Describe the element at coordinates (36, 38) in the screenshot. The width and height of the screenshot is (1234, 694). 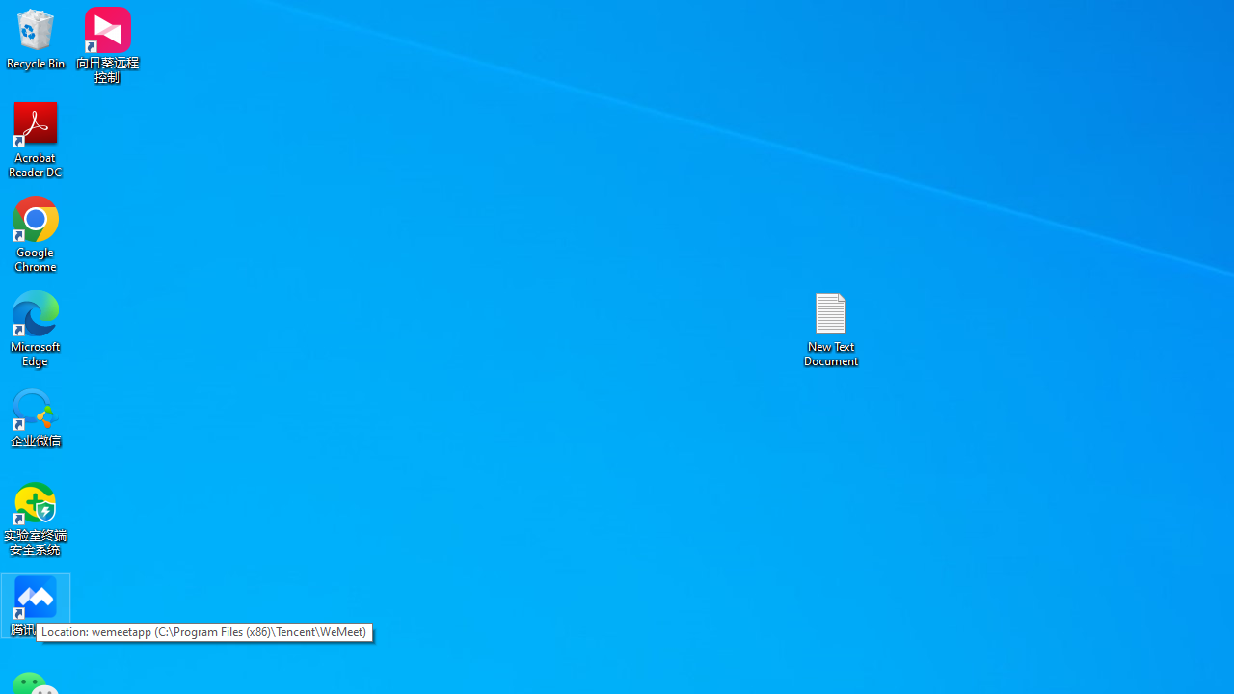
I see `'Recycle Bin'` at that location.